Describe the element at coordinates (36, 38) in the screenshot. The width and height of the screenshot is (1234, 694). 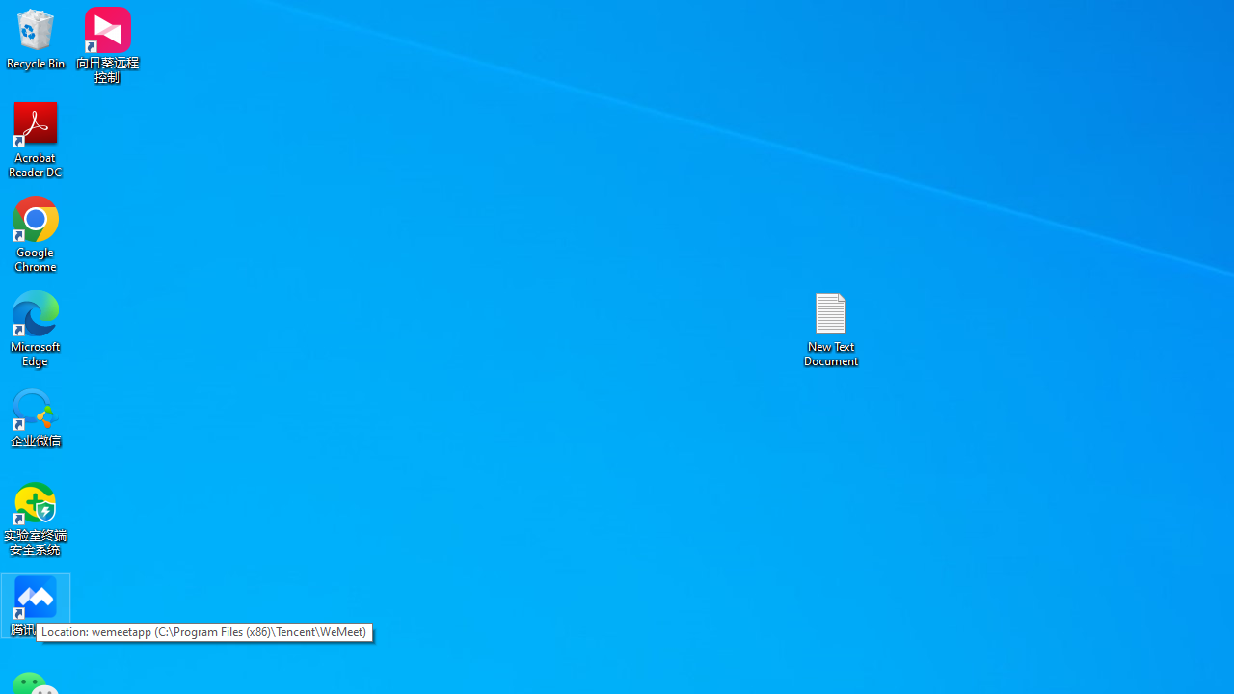
I see `'Recycle Bin'` at that location.